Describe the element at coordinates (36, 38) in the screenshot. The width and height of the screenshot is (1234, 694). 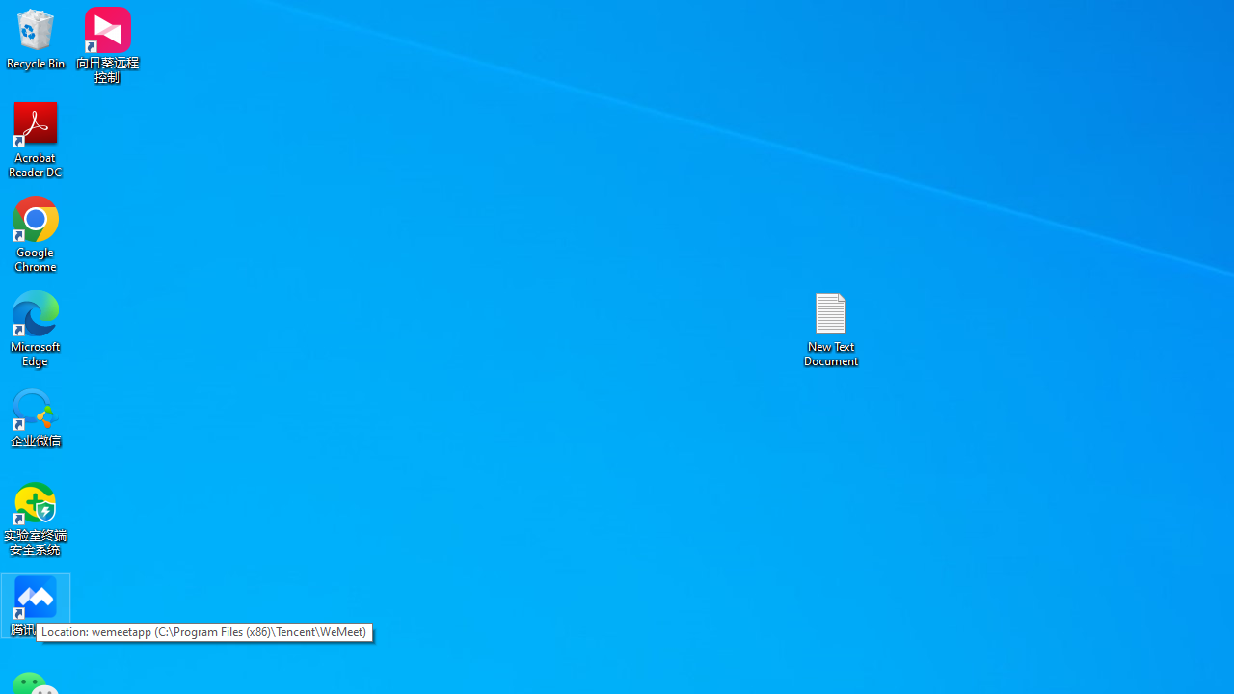
I see `'Recycle Bin'` at that location.